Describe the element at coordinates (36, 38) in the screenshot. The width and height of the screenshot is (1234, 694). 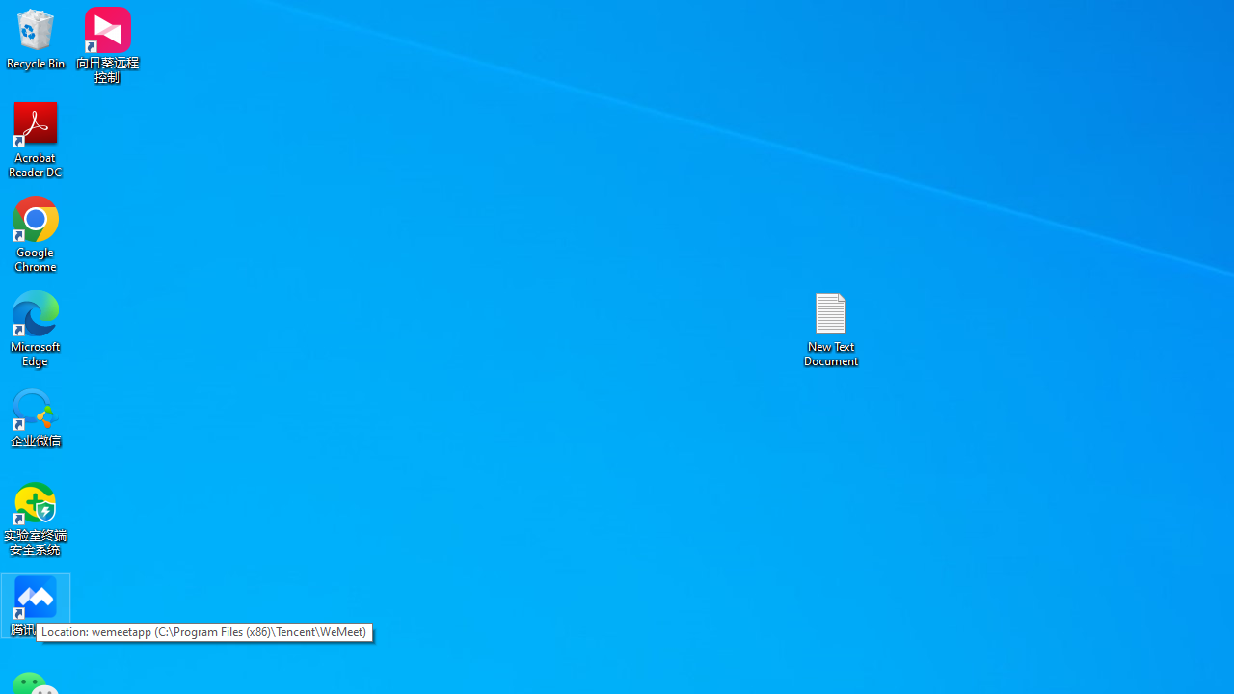
I see `'Recycle Bin'` at that location.